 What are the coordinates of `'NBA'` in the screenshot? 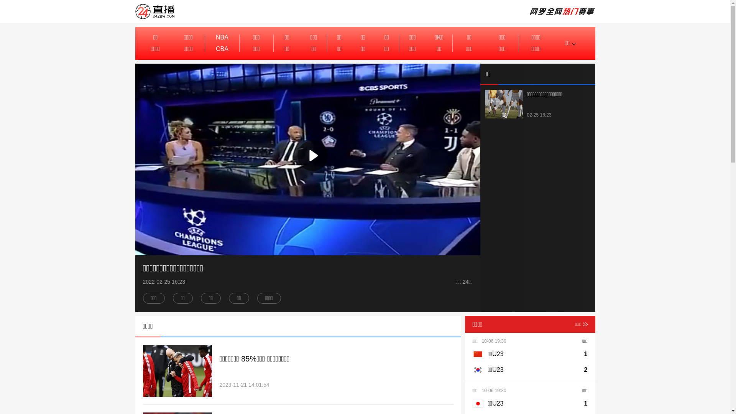 It's located at (222, 37).